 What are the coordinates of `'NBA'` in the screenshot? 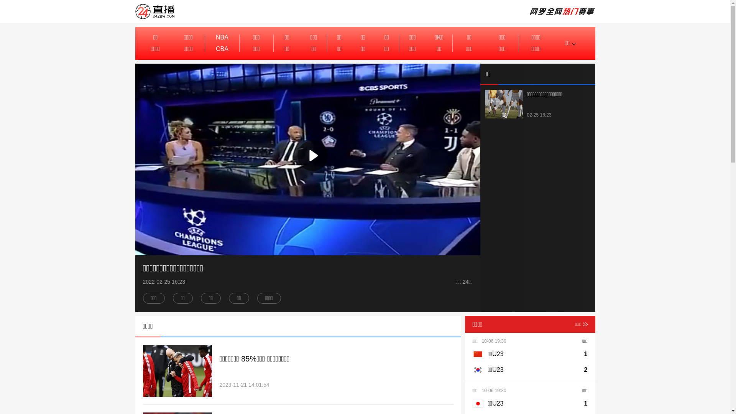 It's located at (222, 37).